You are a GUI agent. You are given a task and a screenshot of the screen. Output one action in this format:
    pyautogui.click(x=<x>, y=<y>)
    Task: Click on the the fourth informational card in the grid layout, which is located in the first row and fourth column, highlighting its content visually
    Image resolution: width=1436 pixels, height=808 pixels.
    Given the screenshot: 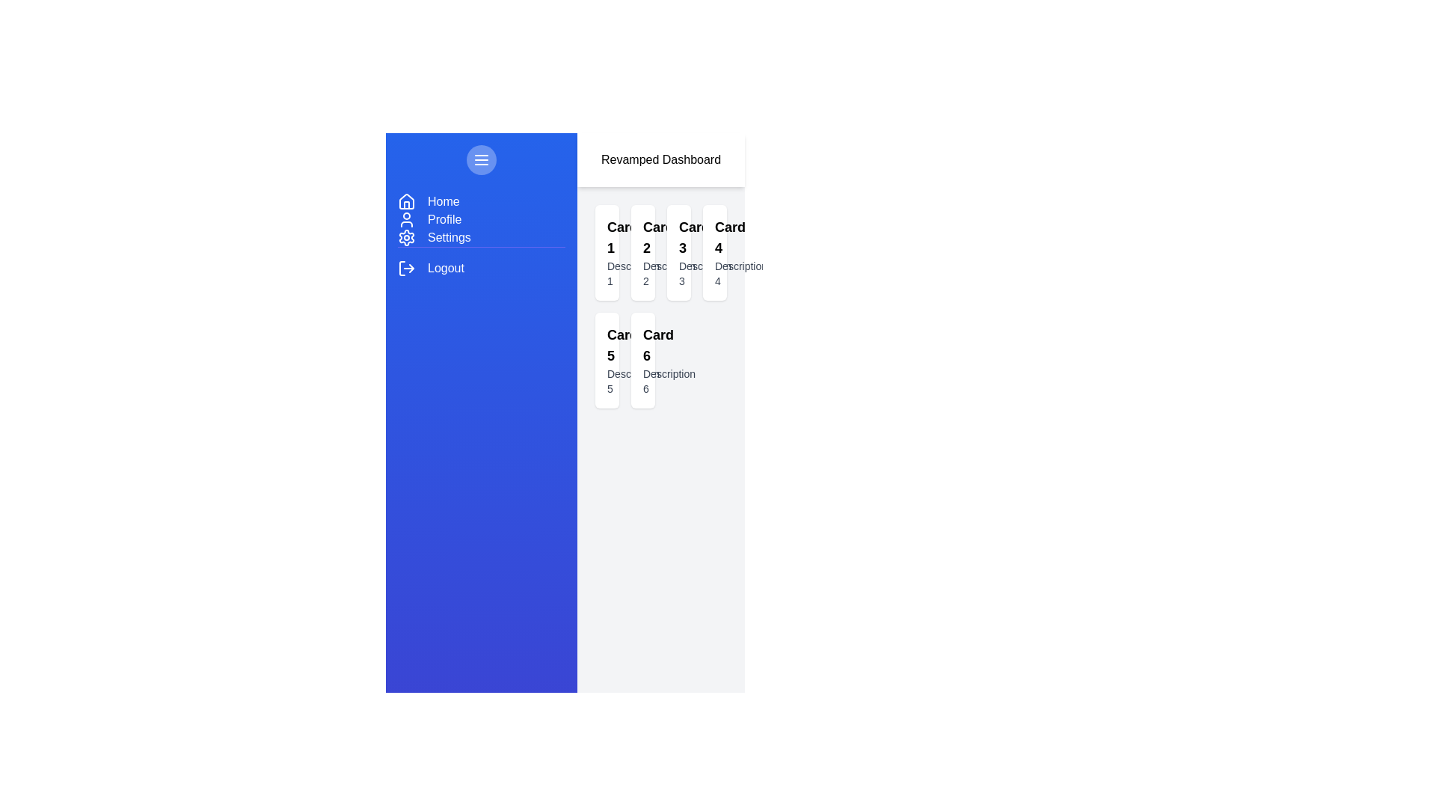 What is the action you would take?
    pyautogui.click(x=714, y=252)
    